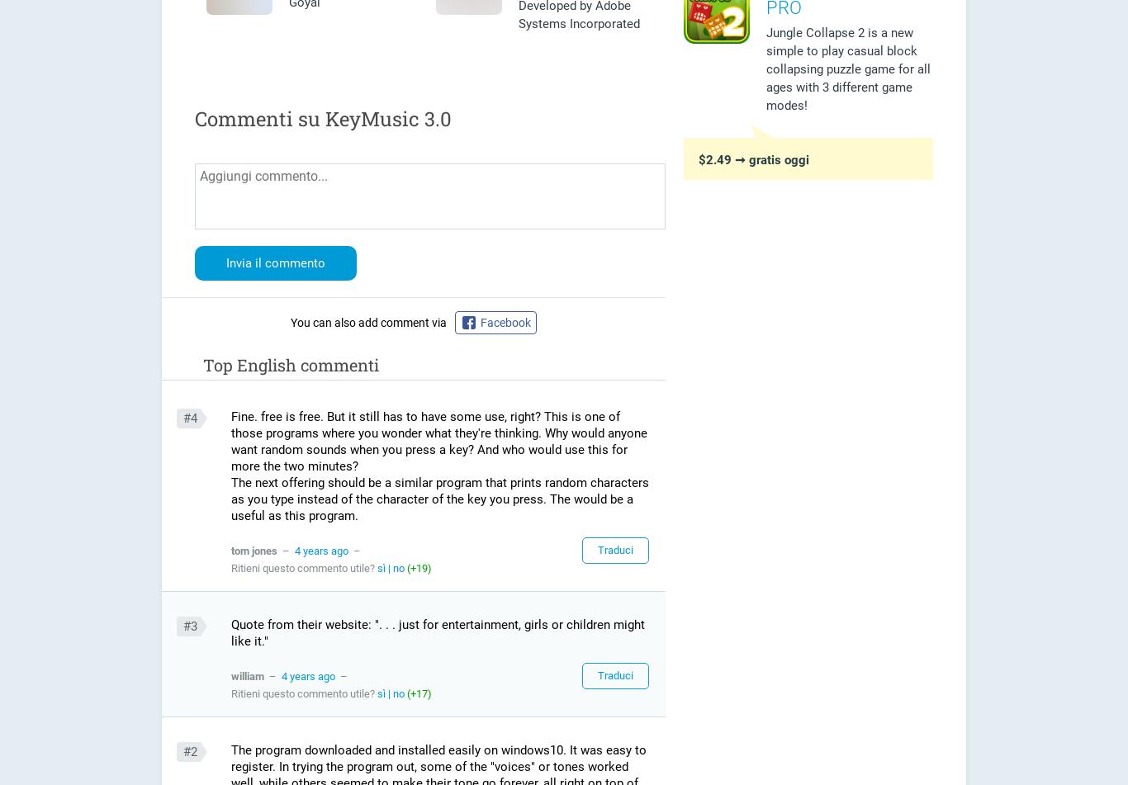 This screenshot has width=1128, height=785. What do you see at coordinates (182, 625) in the screenshot?
I see `'#3'` at bounding box center [182, 625].